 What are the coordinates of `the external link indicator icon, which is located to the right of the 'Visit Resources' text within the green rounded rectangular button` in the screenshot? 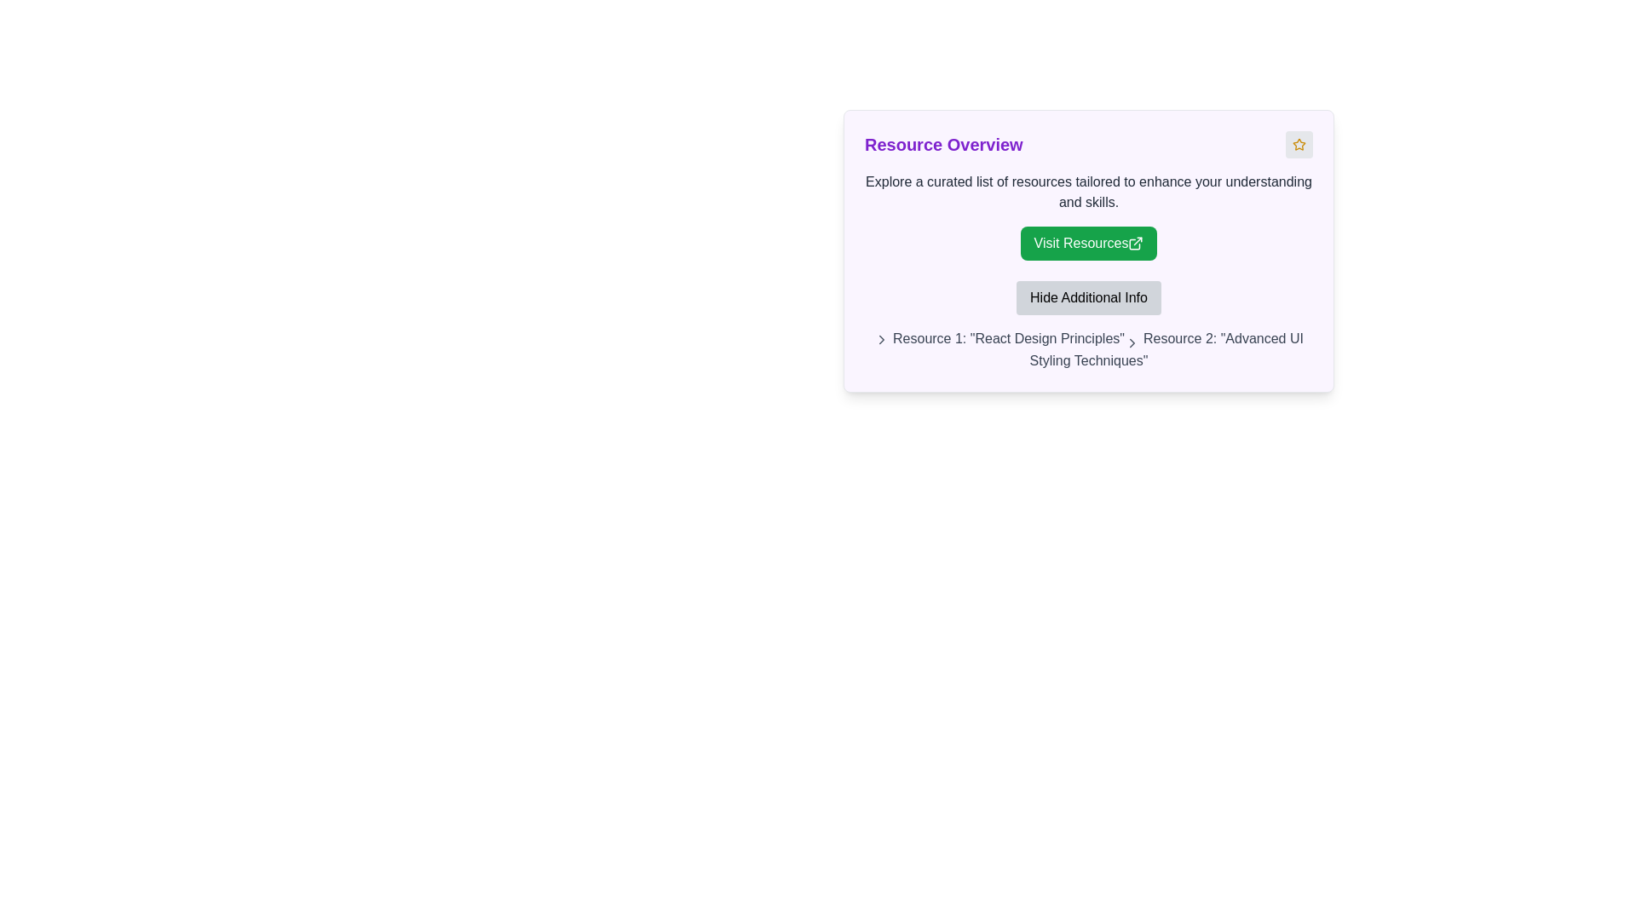 It's located at (1136, 243).